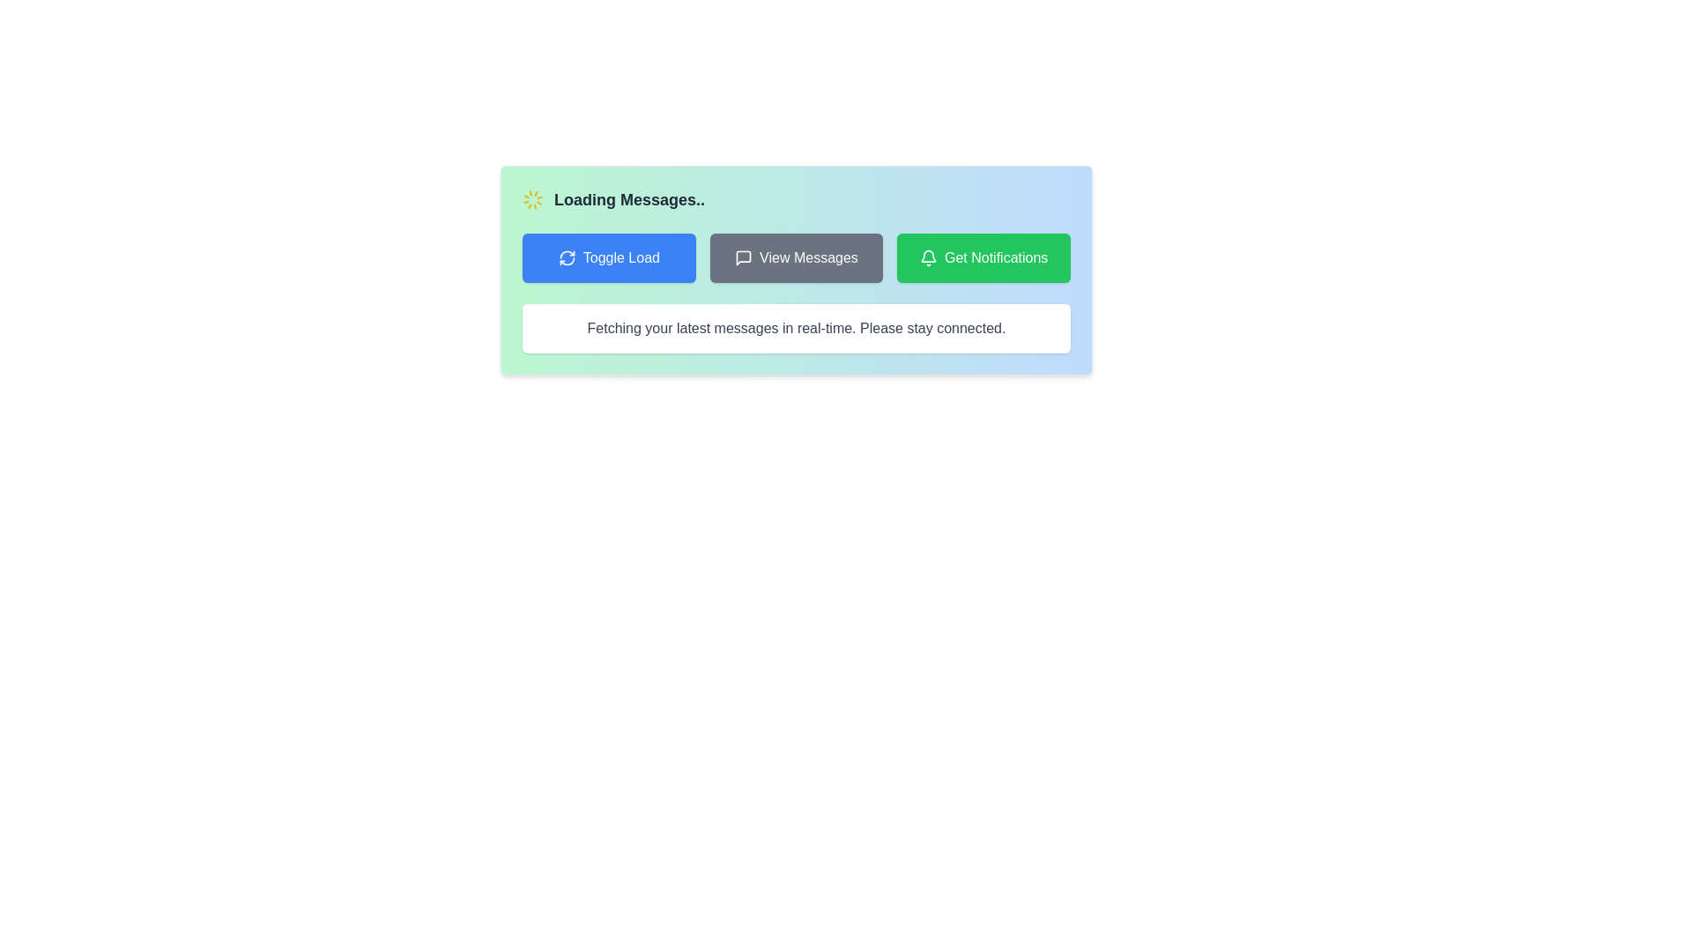 The image size is (1692, 952). Describe the element at coordinates (795, 258) in the screenshot. I see `the central button in the three-button group that serves` at that location.